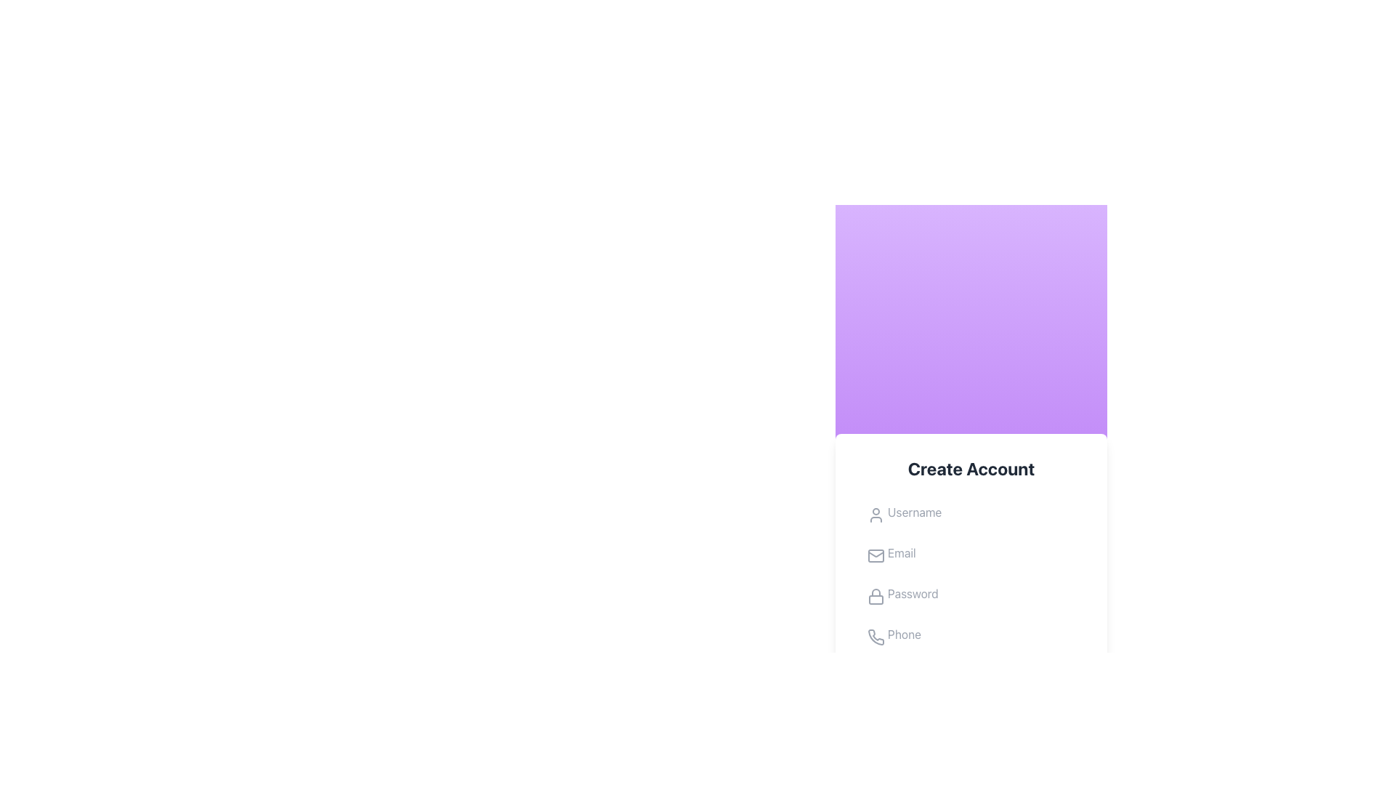 Image resolution: width=1395 pixels, height=785 pixels. What do you see at coordinates (875, 636) in the screenshot?
I see `the phone number icon located to the left of the 'Phone' input field in the lower part of the form component` at bounding box center [875, 636].